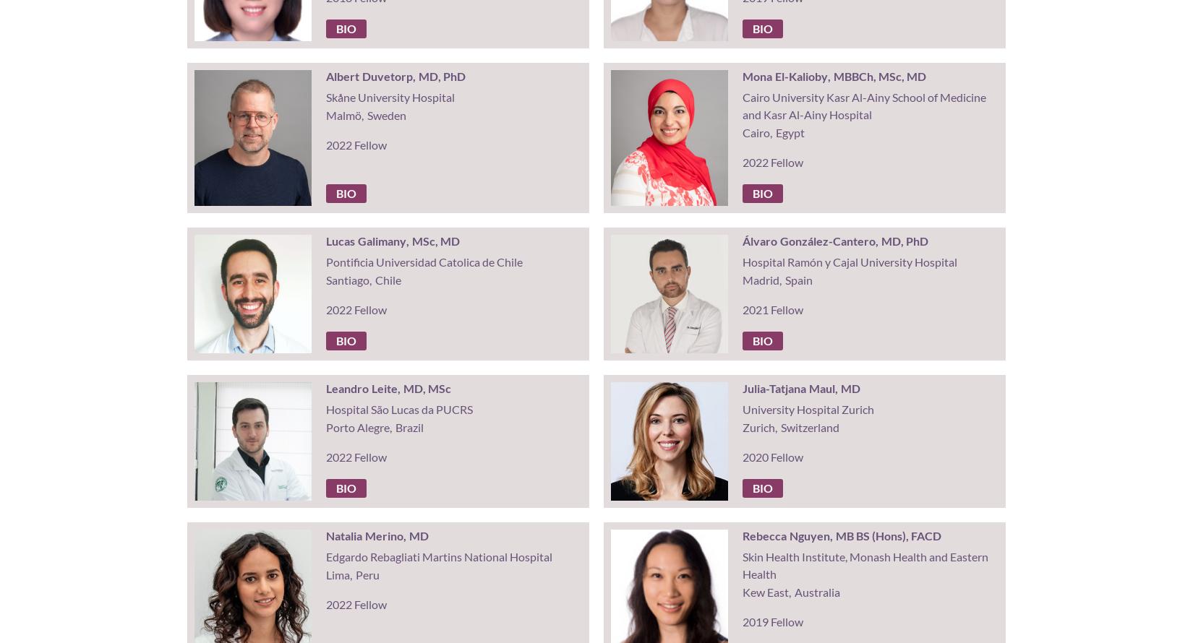 This screenshot has width=1193, height=643. What do you see at coordinates (385, 115) in the screenshot?
I see `'Sweden'` at bounding box center [385, 115].